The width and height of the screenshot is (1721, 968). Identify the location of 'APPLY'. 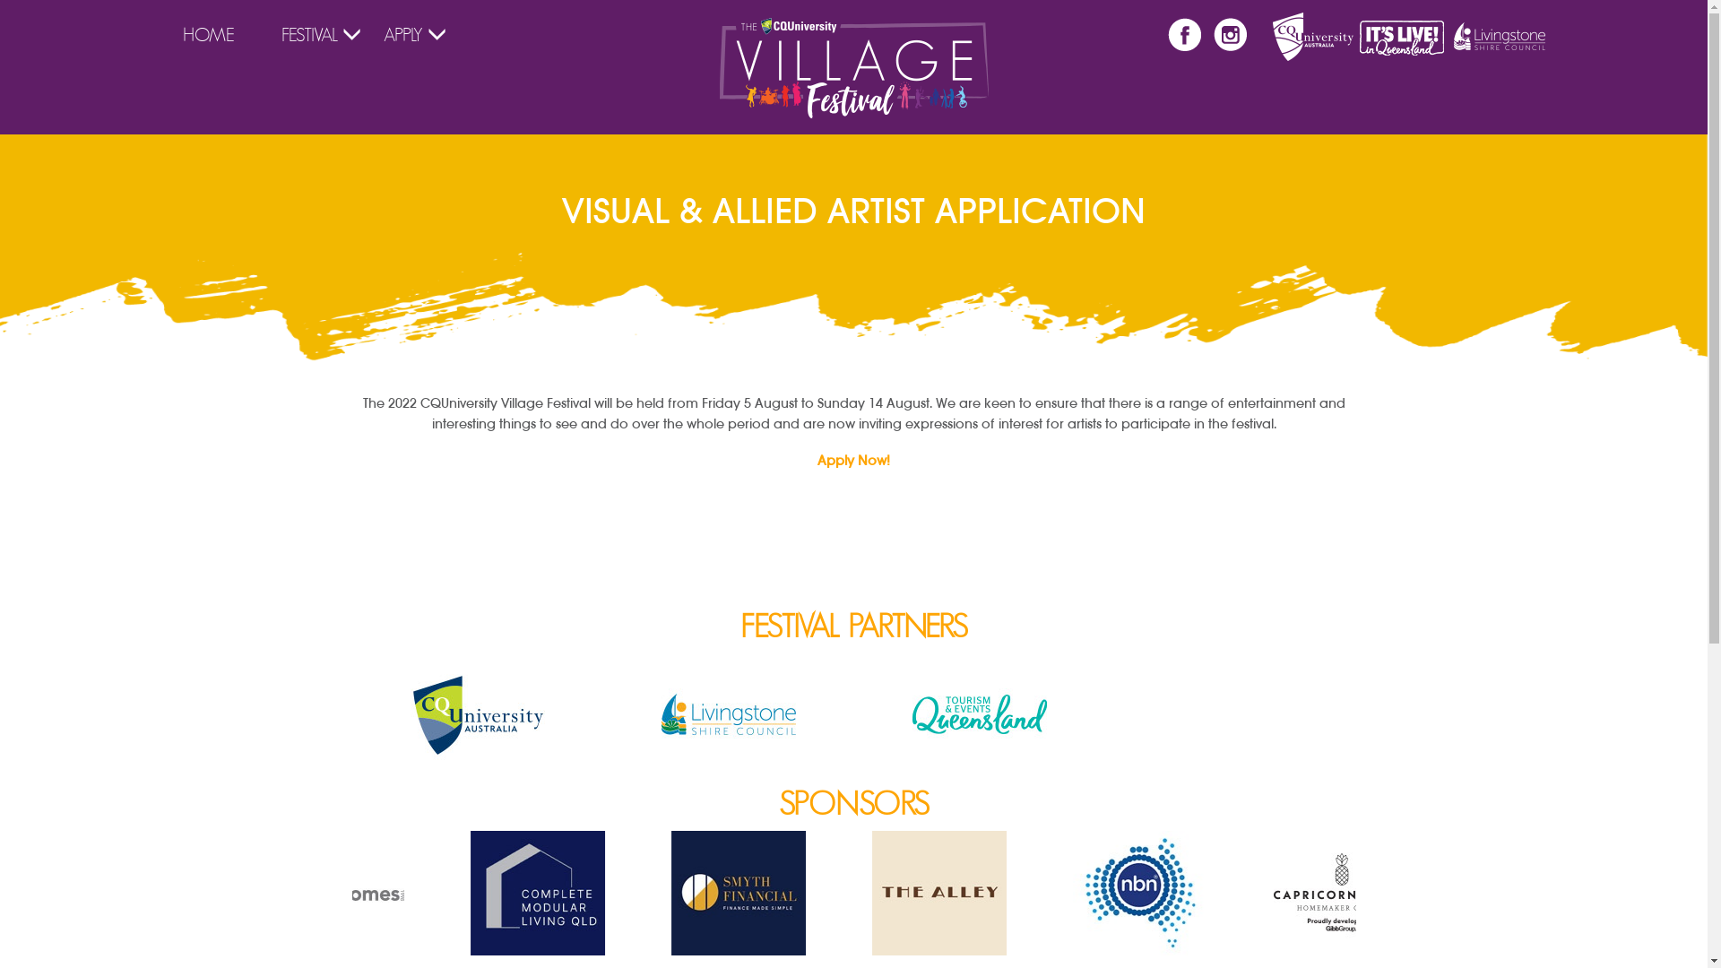
(402, 34).